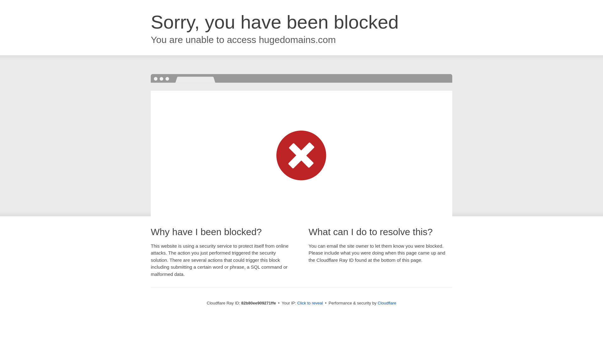 This screenshot has height=339, width=603. Describe the element at coordinates (377, 303) in the screenshot. I see `'Cloudflare'` at that location.